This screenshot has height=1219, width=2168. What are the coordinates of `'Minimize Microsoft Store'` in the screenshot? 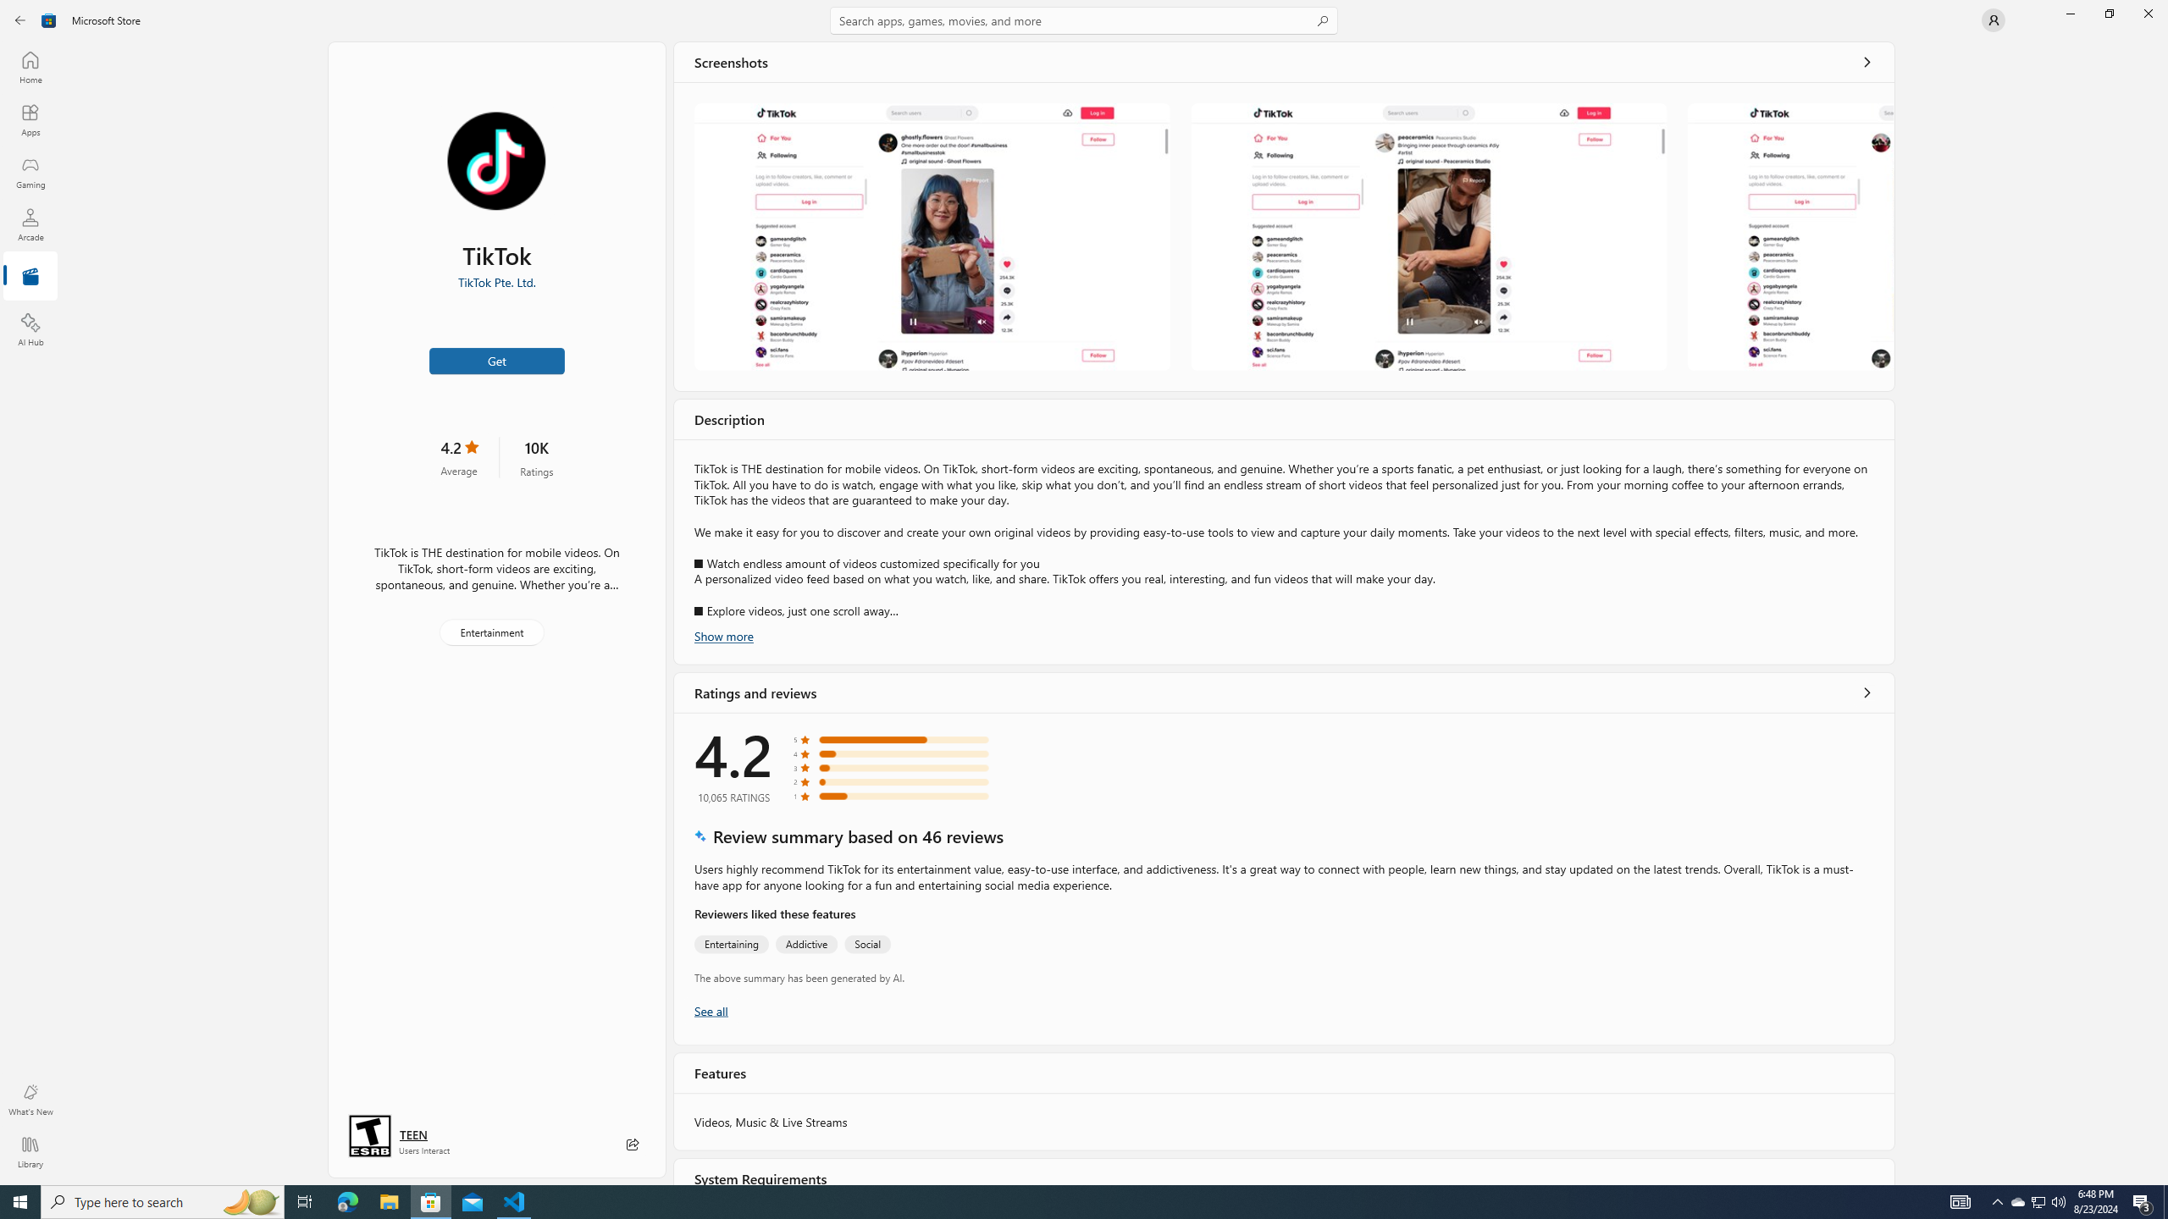 It's located at (2069, 13).